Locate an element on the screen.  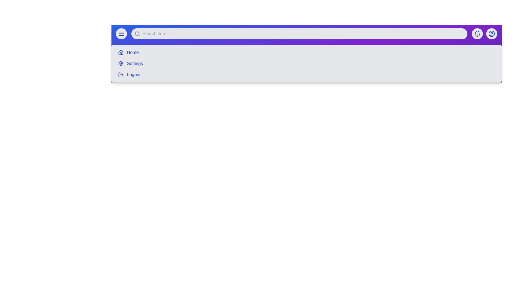
the menu item Logout from the navigation bar is located at coordinates (134, 75).